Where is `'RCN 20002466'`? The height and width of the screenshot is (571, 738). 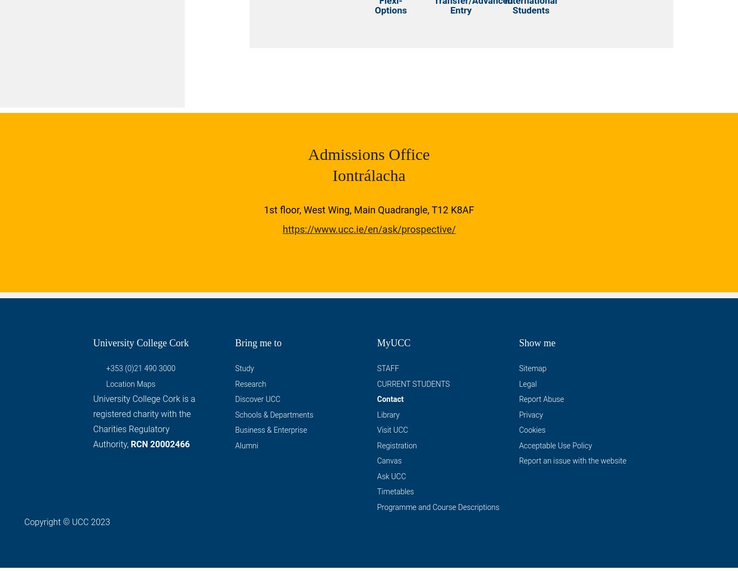 'RCN 20002466' is located at coordinates (131, 447).